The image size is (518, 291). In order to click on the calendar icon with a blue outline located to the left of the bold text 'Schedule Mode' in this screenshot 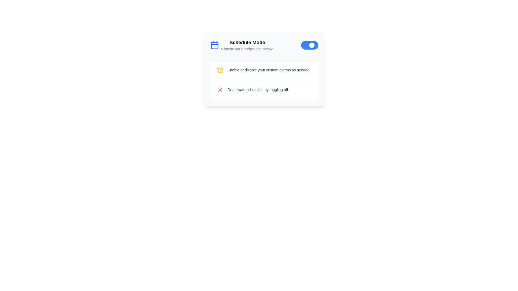, I will do `click(214, 45)`.